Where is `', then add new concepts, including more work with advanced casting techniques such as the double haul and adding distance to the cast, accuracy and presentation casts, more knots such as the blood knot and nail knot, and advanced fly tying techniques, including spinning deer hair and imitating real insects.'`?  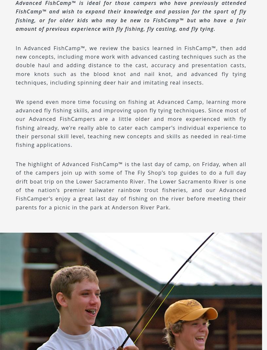
', then add new concepts, including more work with advanced casting techniques such as the double haul and adding distance to the cast, accuracy and presentation casts, more knots such as the blood knot and nail knot, and advanced fly tying techniques, including spinning deer hair and imitating real insects.' is located at coordinates (131, 65).